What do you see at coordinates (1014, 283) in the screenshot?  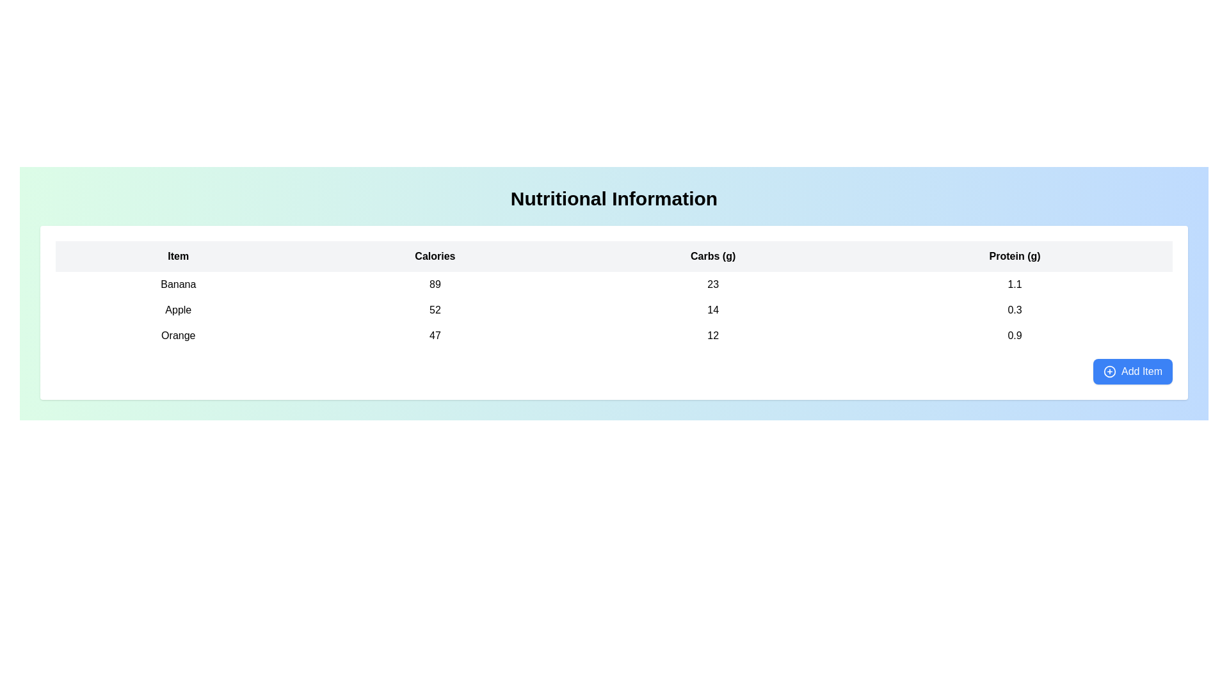 I see `the text label displaying '1.1' in the 'Protein (g)' column for the 'Banana' row, which is styled to be center-aligned and has padding applied` at bounding box center [1014, 283].